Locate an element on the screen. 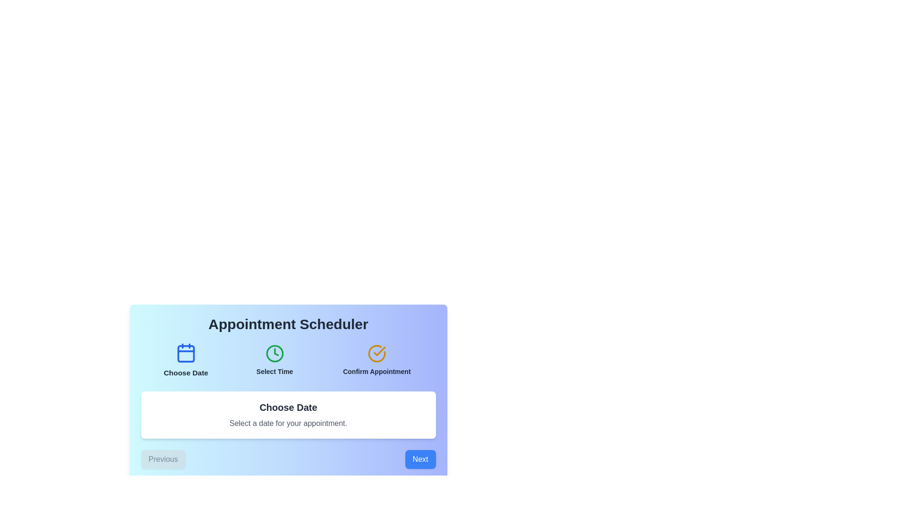 The width and height of the screenshot is (907, 510). the step icon to observe its details is located at coordinates (186, 360).